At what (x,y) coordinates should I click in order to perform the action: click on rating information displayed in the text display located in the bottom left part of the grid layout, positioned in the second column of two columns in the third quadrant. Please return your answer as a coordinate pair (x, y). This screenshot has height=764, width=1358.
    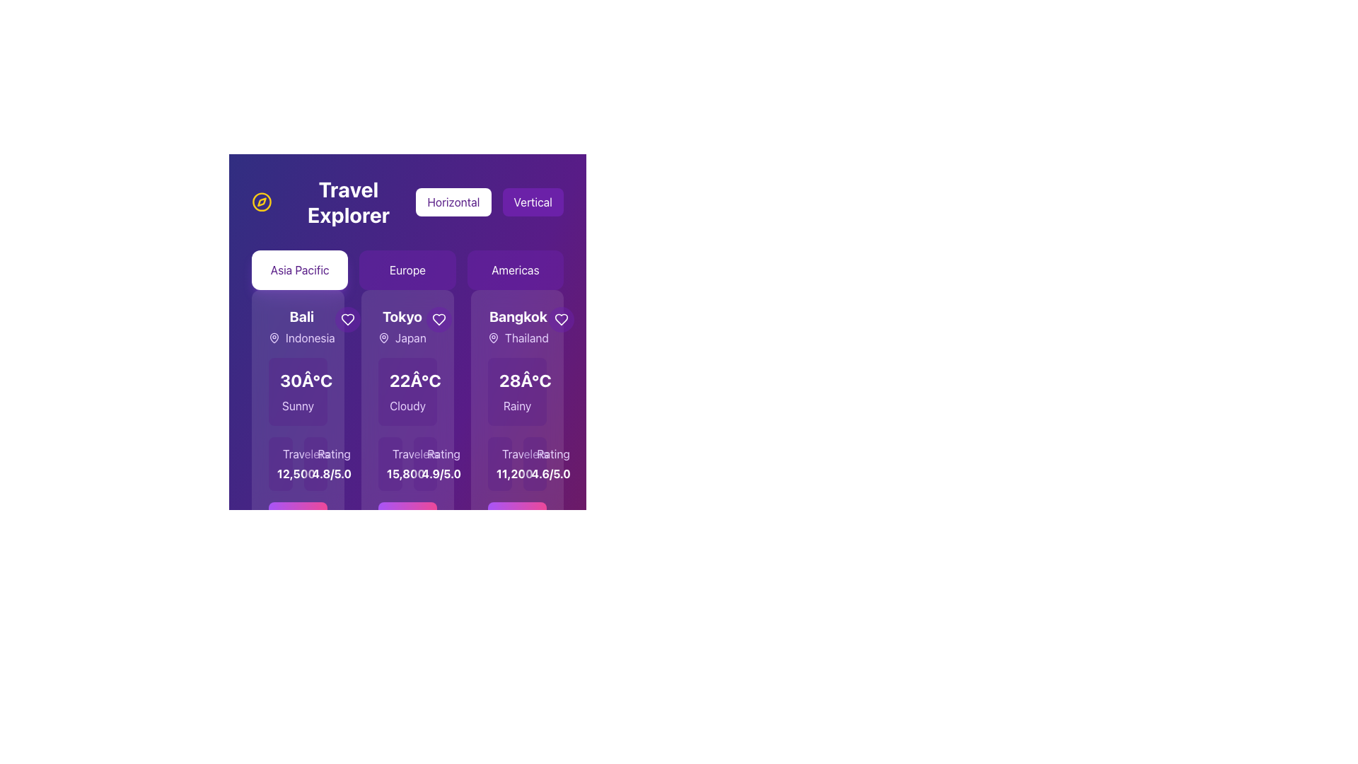
    Looking at the image, I should click on (315, 463).